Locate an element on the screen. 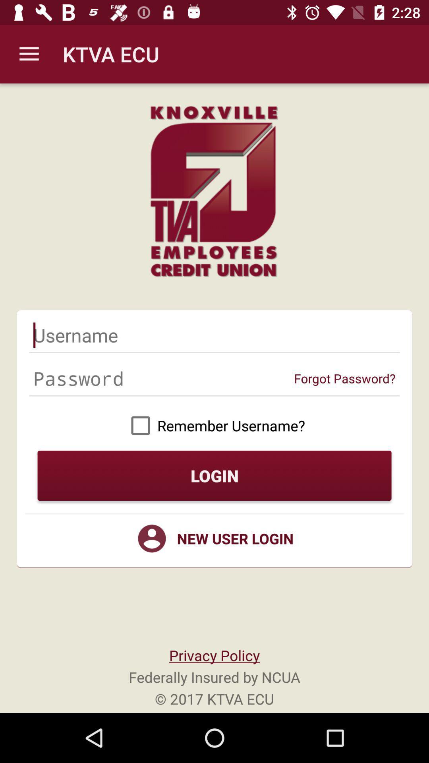  remember username? is located at coordinates (214, 425).